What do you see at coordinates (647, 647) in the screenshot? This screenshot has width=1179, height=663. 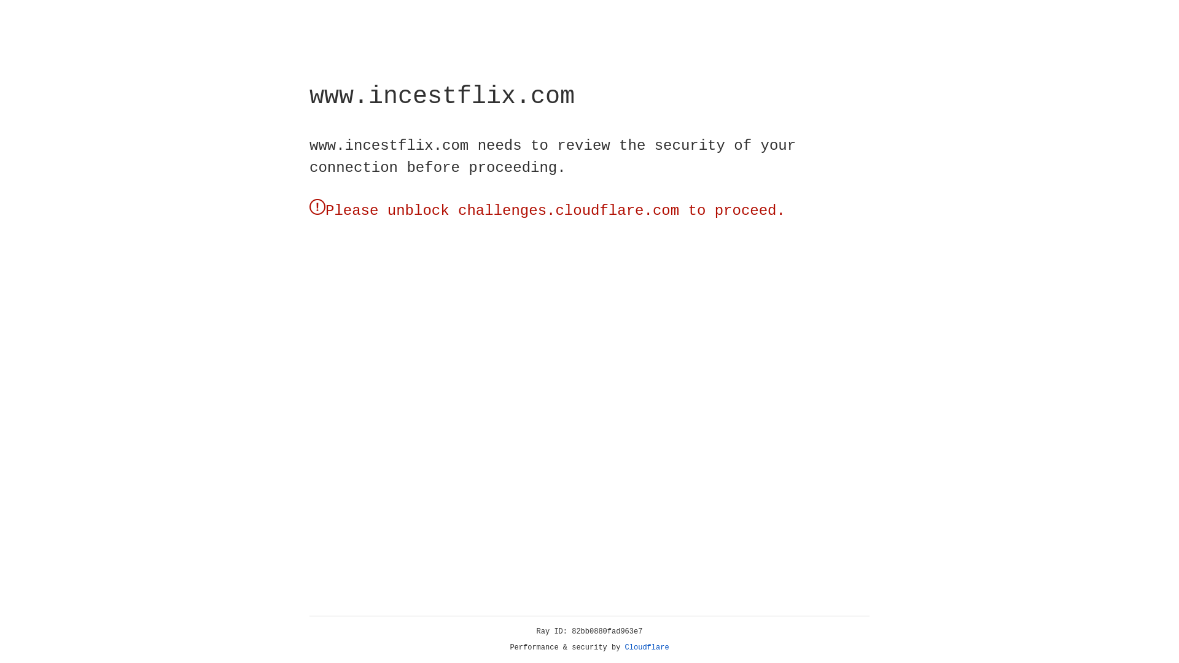 I see `'Cloudflare'` at bounding box center [647, 647].